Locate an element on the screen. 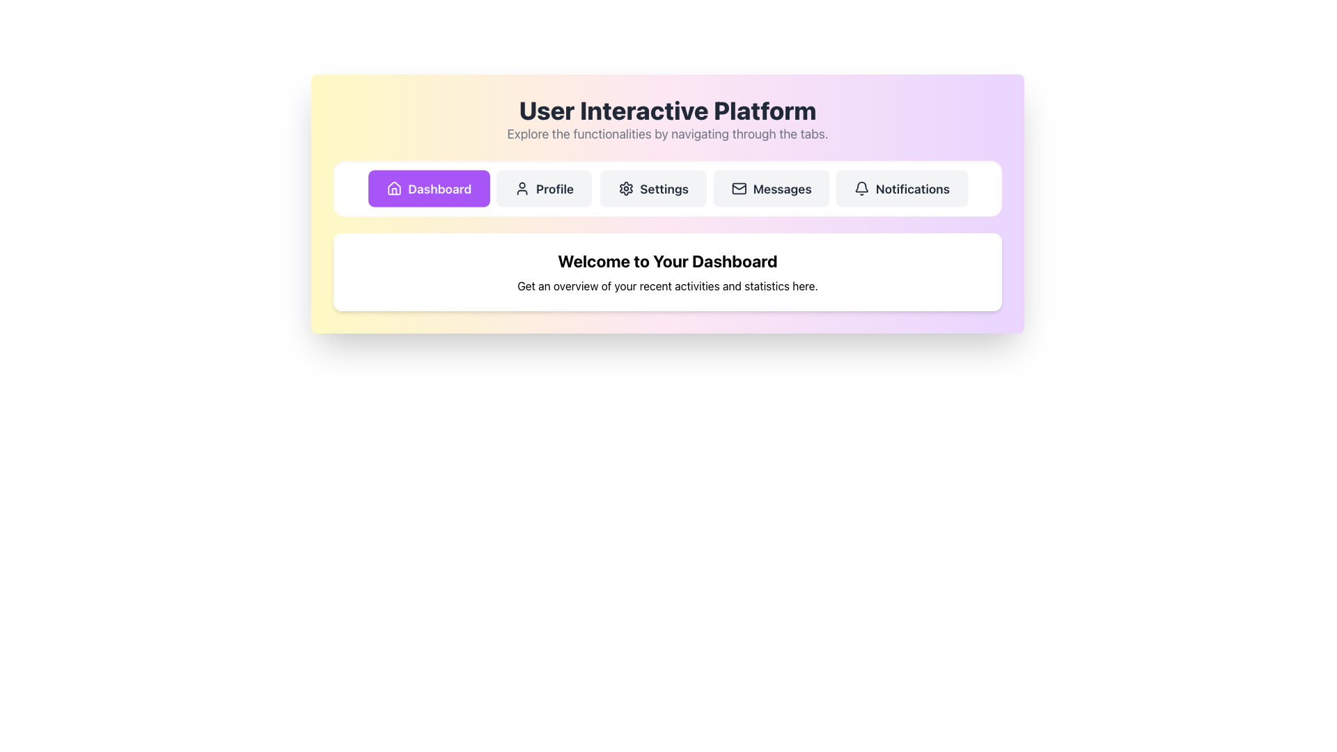 The height and width of the screenshot is (752, 1337). the descriptive text that reads 'Explore the functionalities by navigating through the tabs.' which is styled in a large gray font and positioned beneath the headline 'User Interactive Platform' is located at coordinates (667, 134).